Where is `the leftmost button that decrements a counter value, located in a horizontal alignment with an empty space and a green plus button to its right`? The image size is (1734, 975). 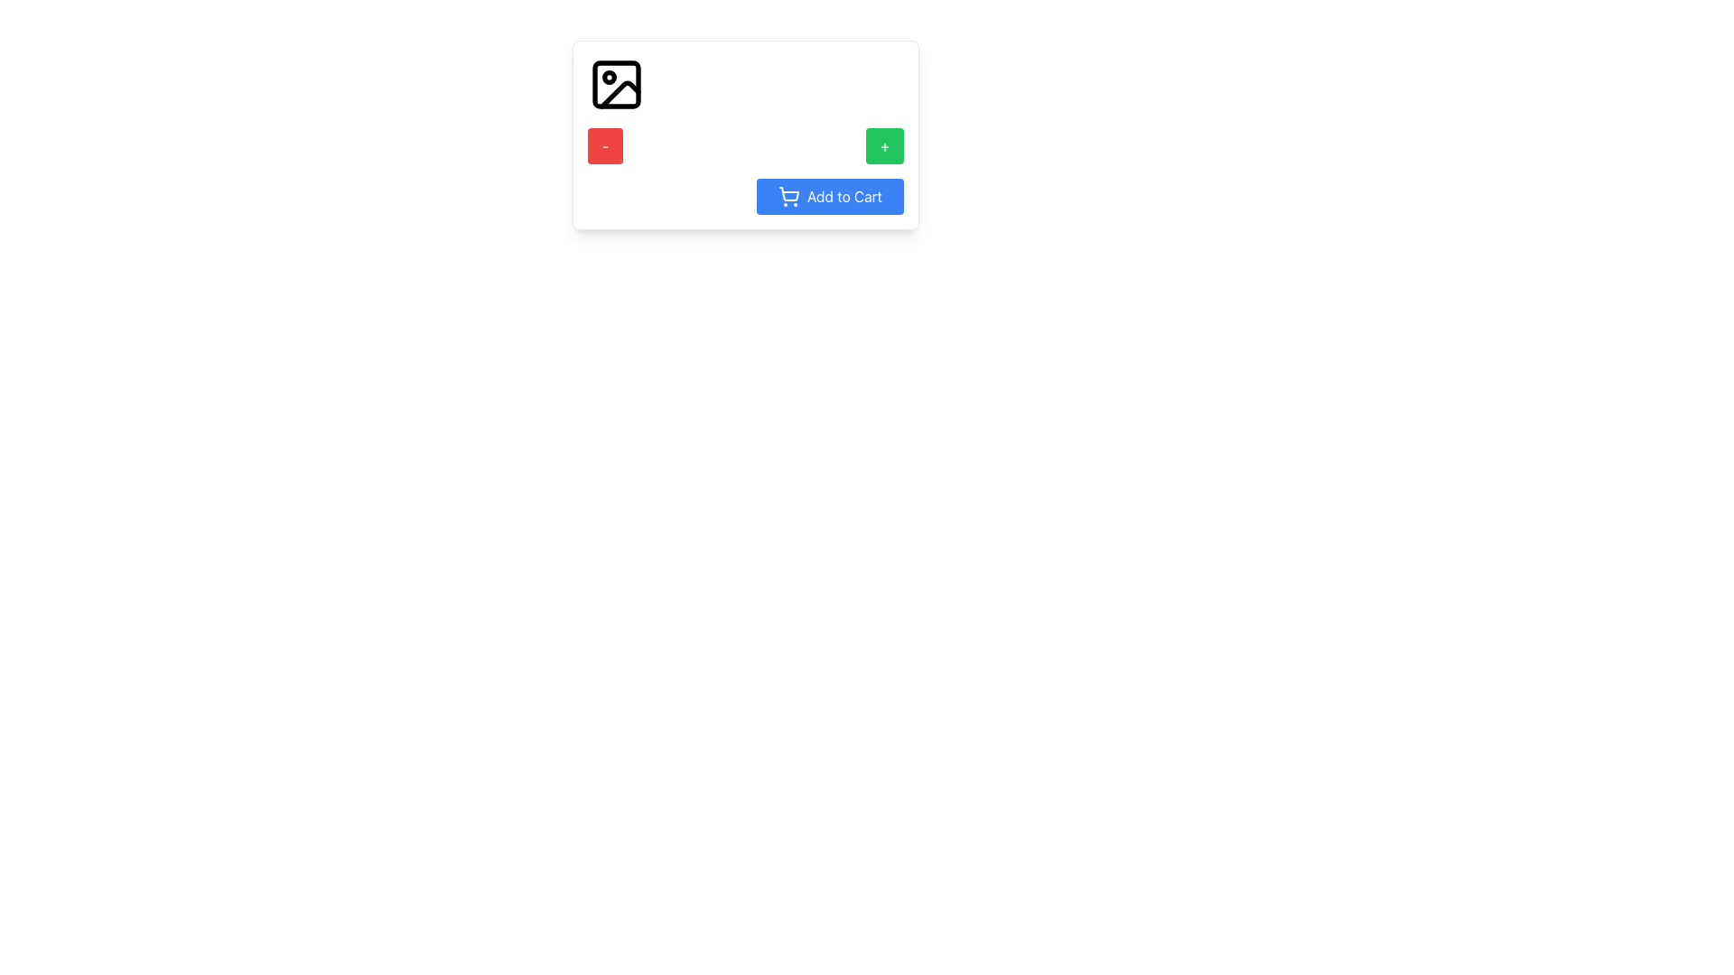 the leftmost button that decrements a counter value, located in a horizontal alignment with an empty space and a green plus button to its right is located at coordinates (605, 145).